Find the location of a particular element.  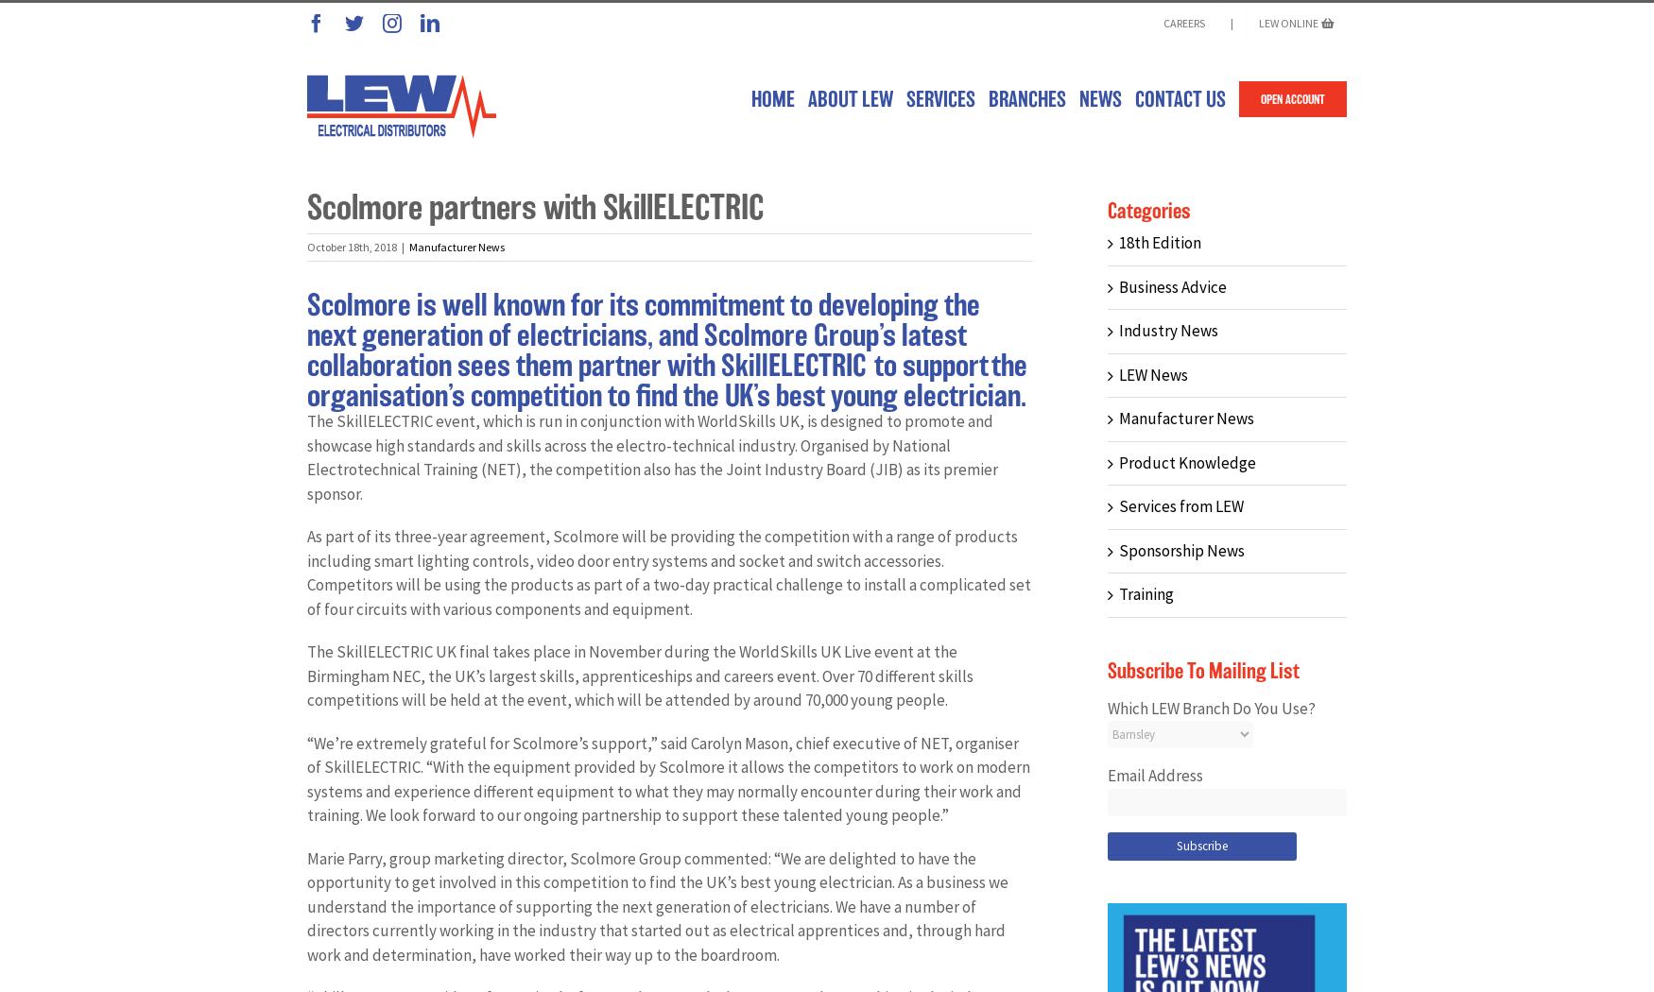

'HOME' is located at coordinates (772, 100).